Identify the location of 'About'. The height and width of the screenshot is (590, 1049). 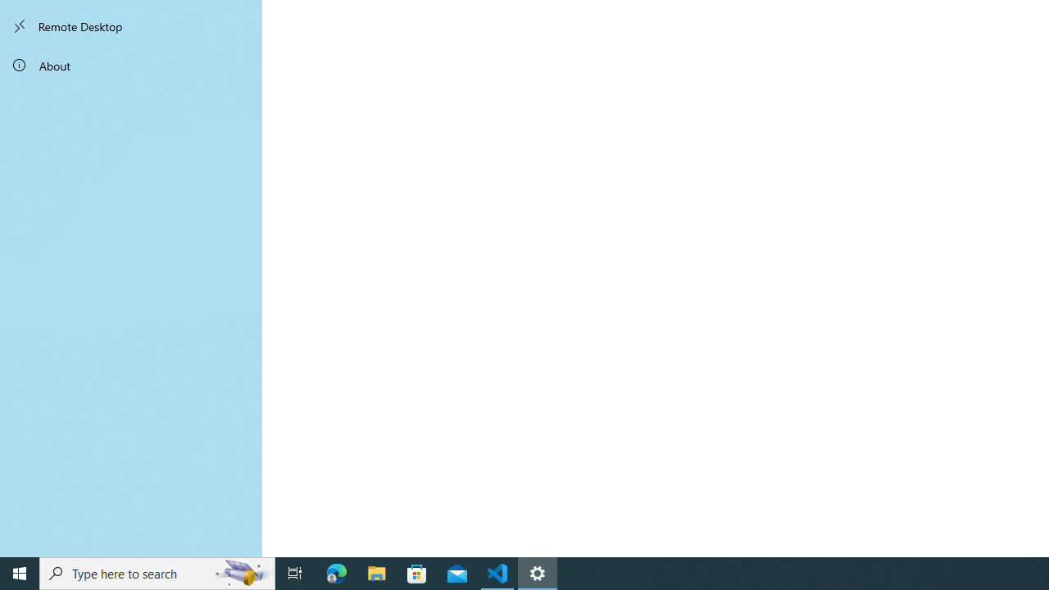
(131, 64).